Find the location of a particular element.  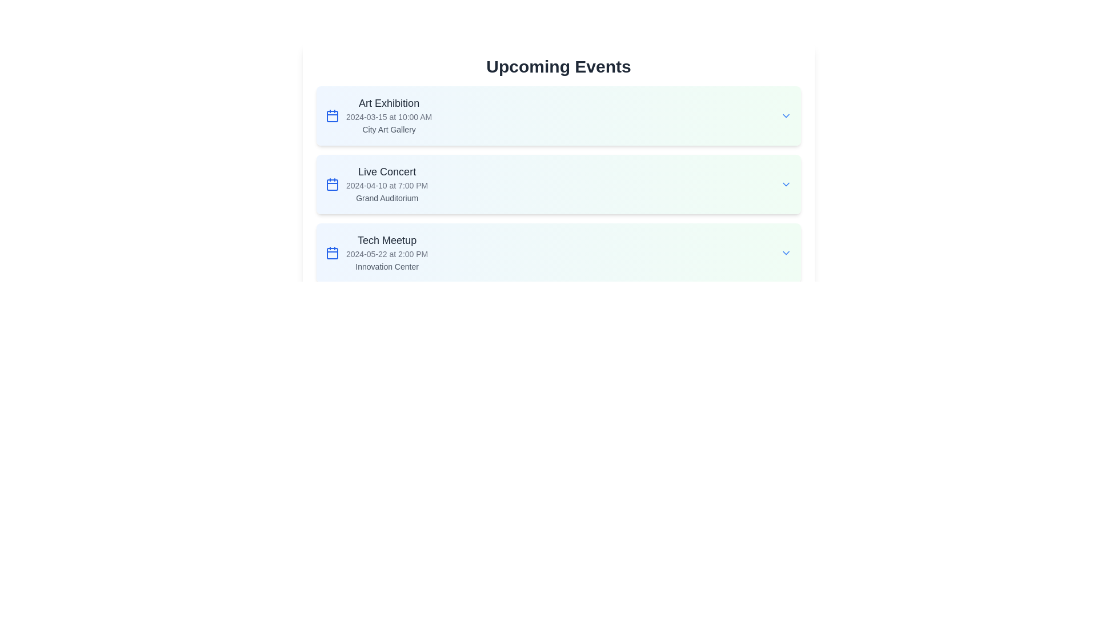

the rectangle shape within the SVG calendar icon on the first event card titled 'Art Exhibition', located to the left of the event title and date text is located at coordinates (331, 117).